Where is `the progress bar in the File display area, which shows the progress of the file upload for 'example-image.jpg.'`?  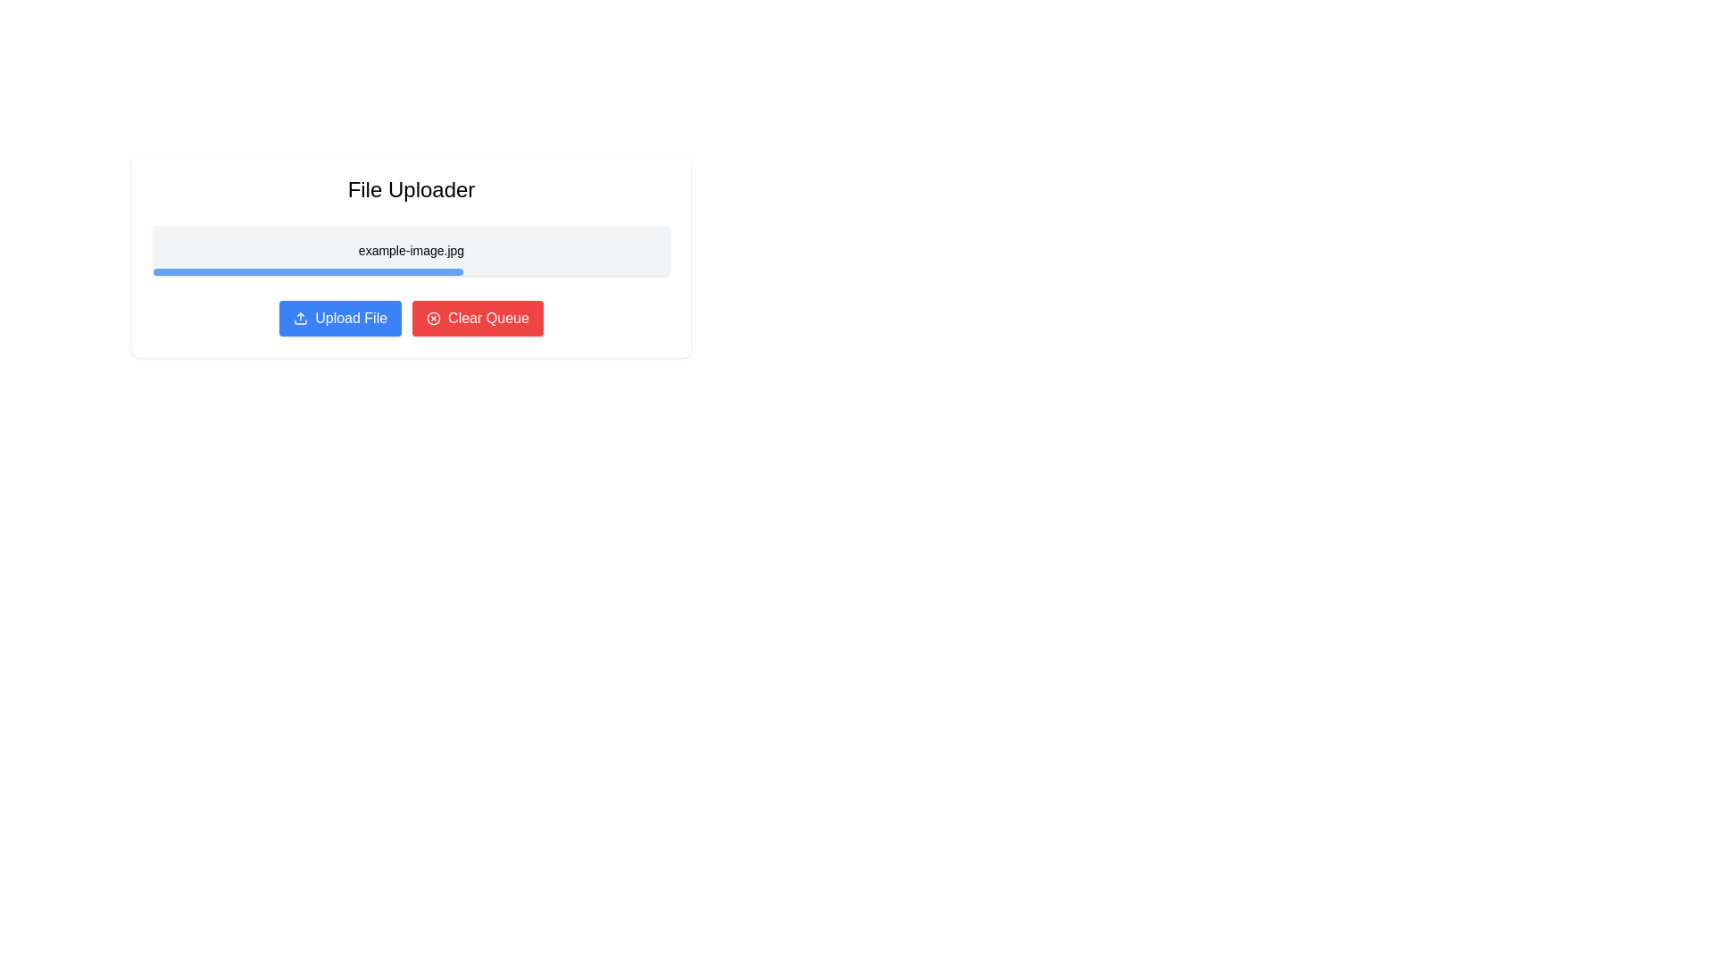 the progress bar in the File display area, which shows the progress of the file upload for 'example-image.jpg.' is located at coordinates (410, 255).